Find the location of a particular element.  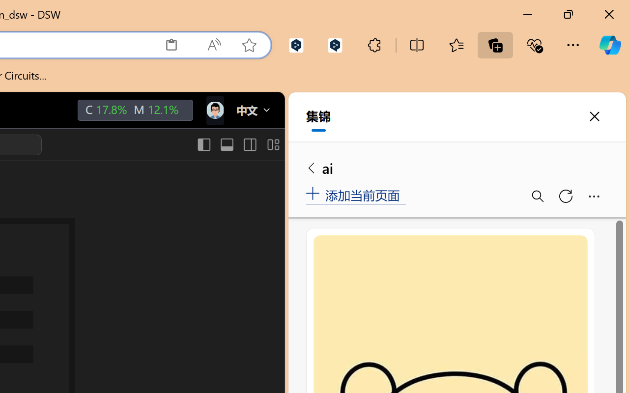

'Copilot (Ctrl+Shift+.)' is located at coordinates (609, 45).